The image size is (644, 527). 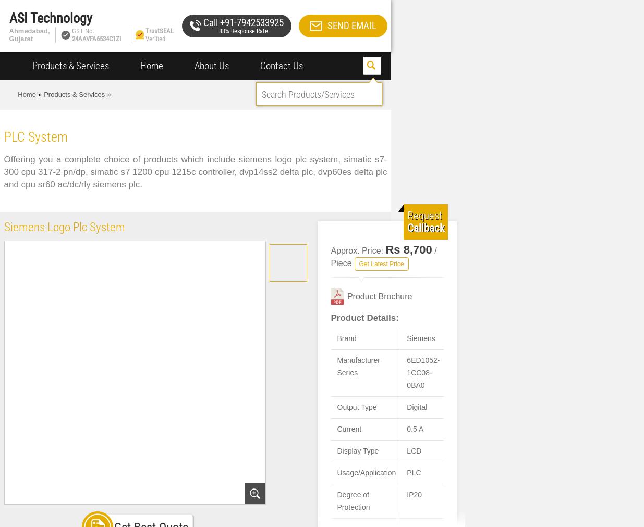 I want to click on 'Siemens Logo Plc System', so click(x=3, y=227).